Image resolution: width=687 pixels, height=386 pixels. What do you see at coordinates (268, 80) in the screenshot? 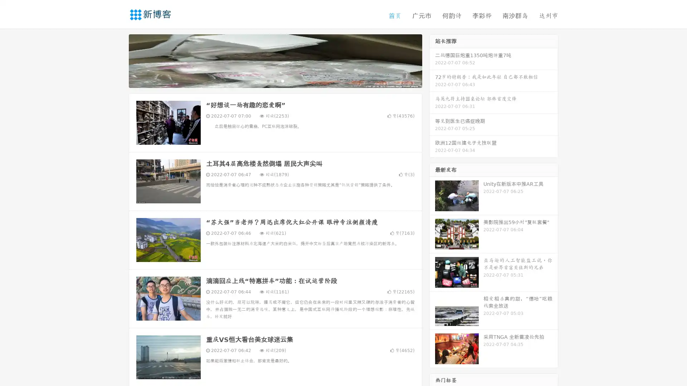
I see `Go to slide 1` at bounding box center [268, 80].